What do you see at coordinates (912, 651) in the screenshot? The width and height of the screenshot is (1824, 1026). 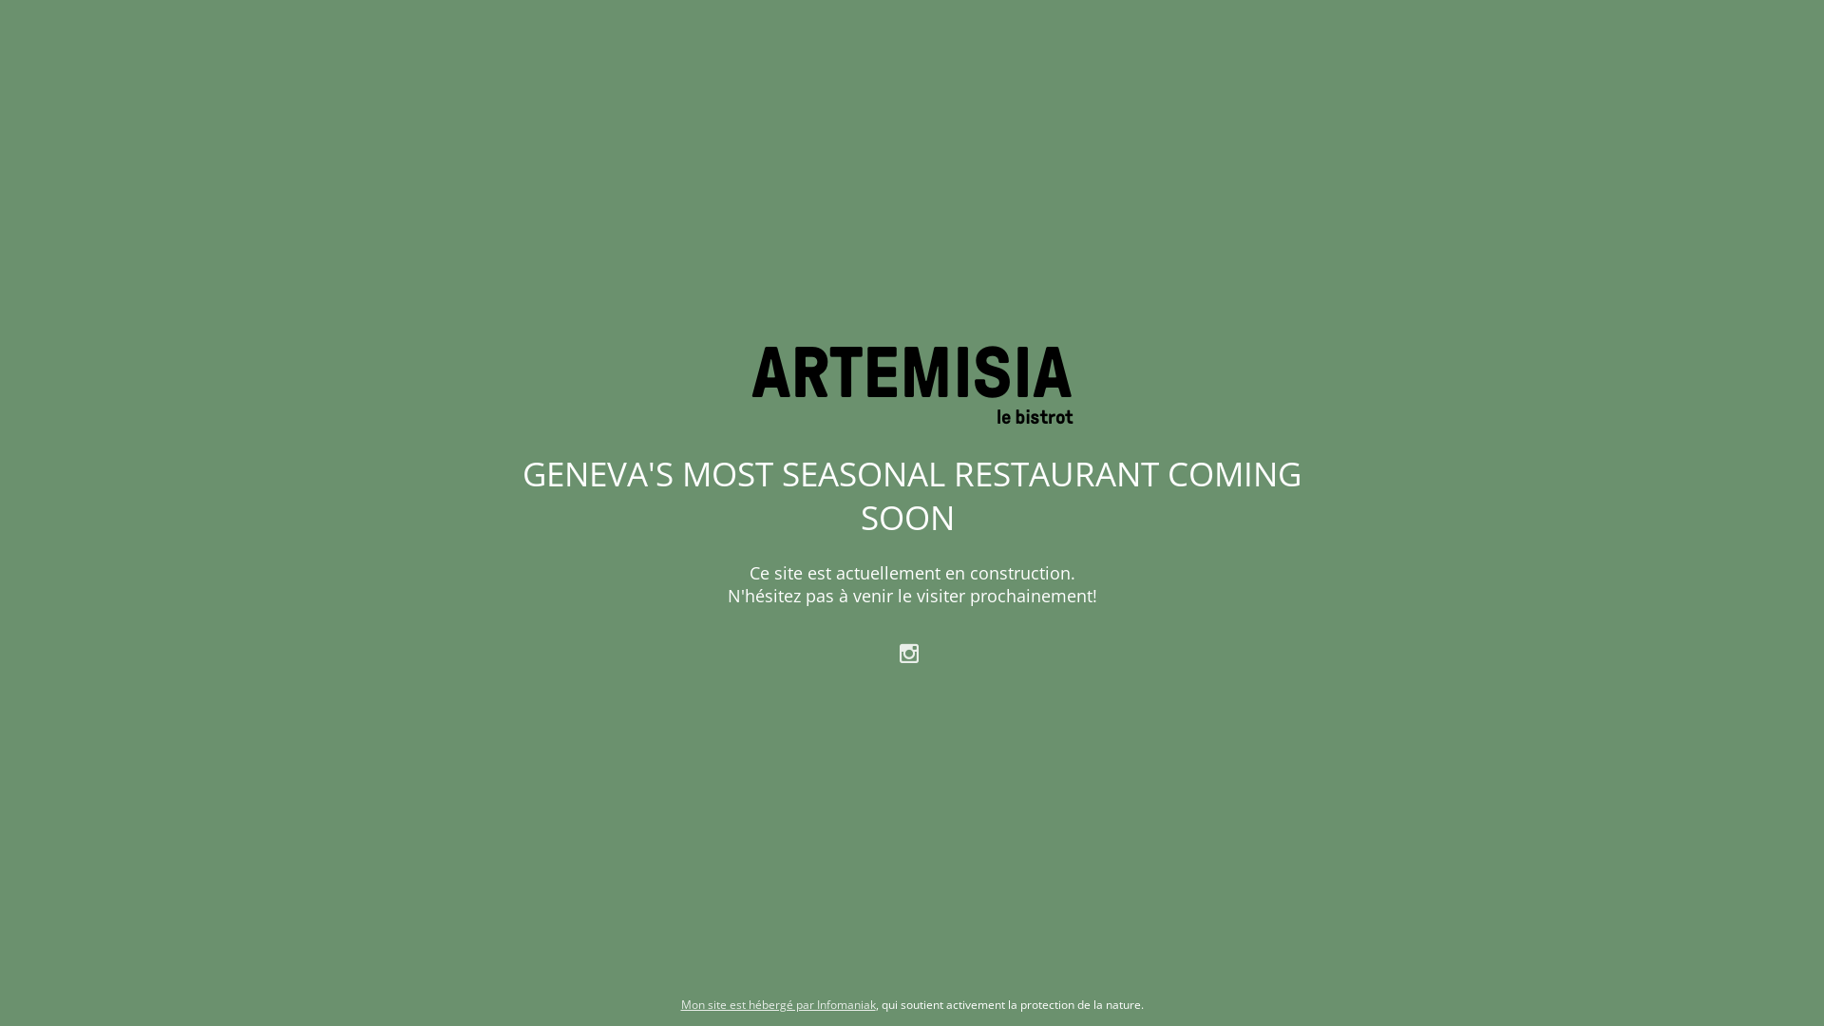 I see `' '` at bounding box center [912, 651].